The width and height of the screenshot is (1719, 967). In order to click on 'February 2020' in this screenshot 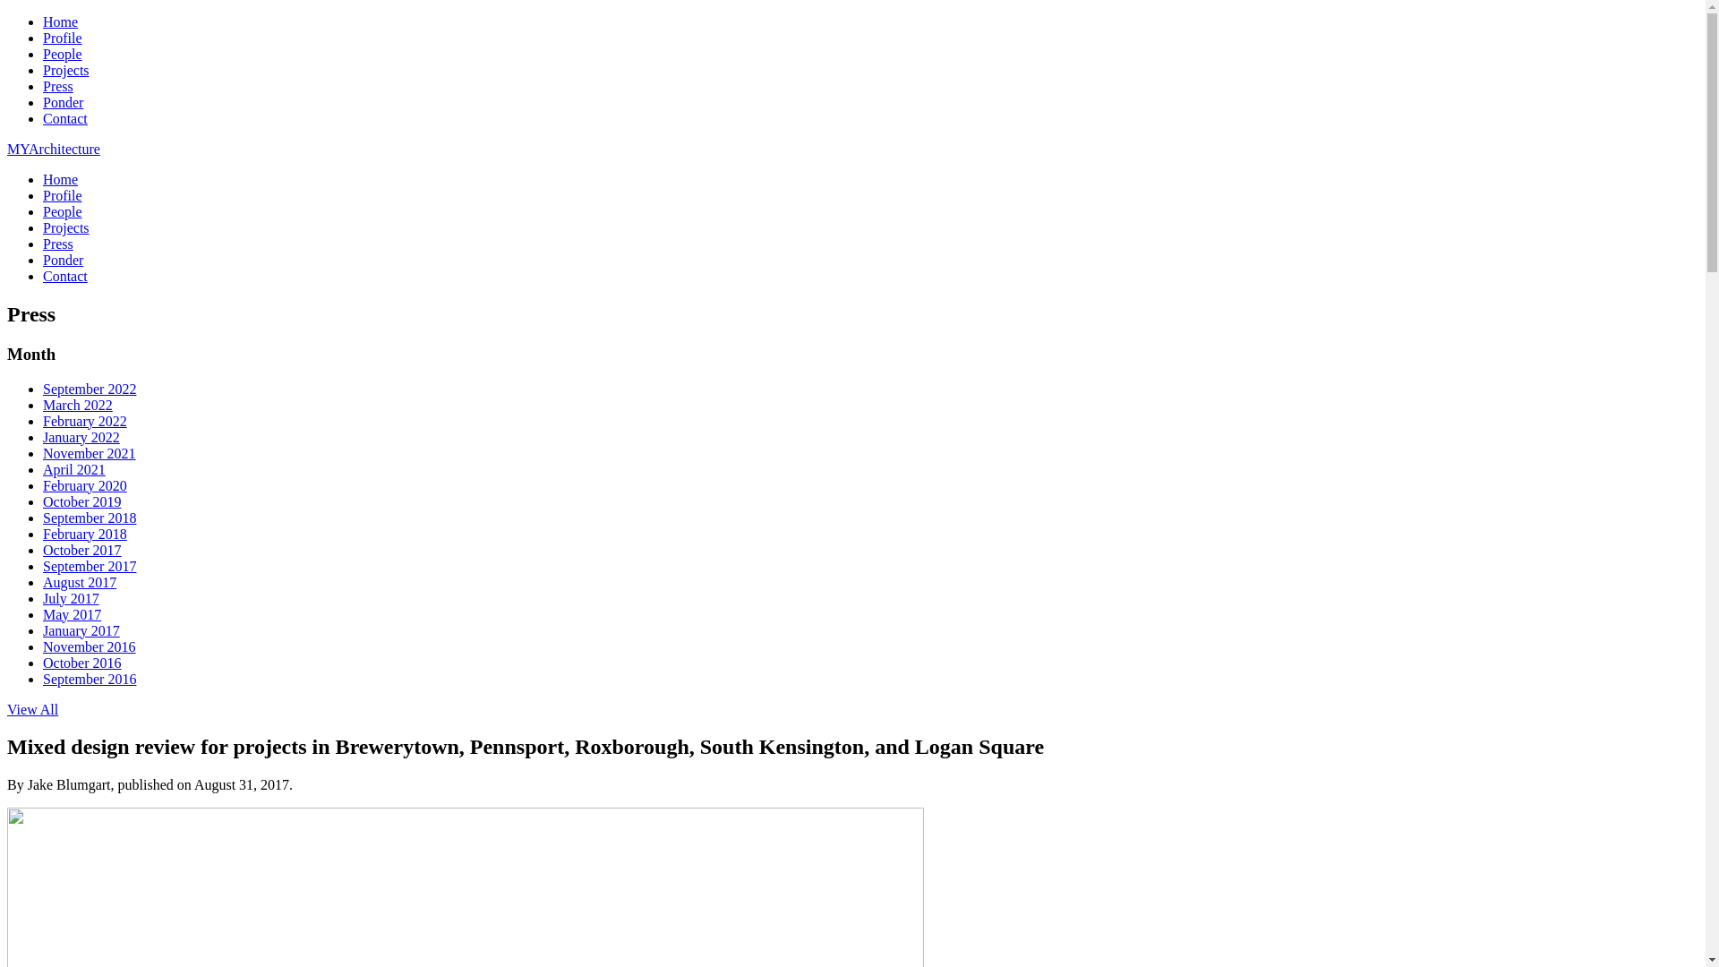, I will do `click(84, 485)`.